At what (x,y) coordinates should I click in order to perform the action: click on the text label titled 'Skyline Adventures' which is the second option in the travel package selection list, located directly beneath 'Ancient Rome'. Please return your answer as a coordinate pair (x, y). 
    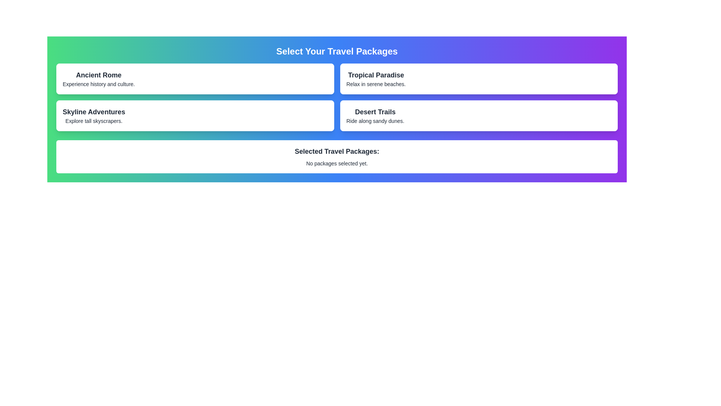
    Looking at the image, I should click on (94, 112).